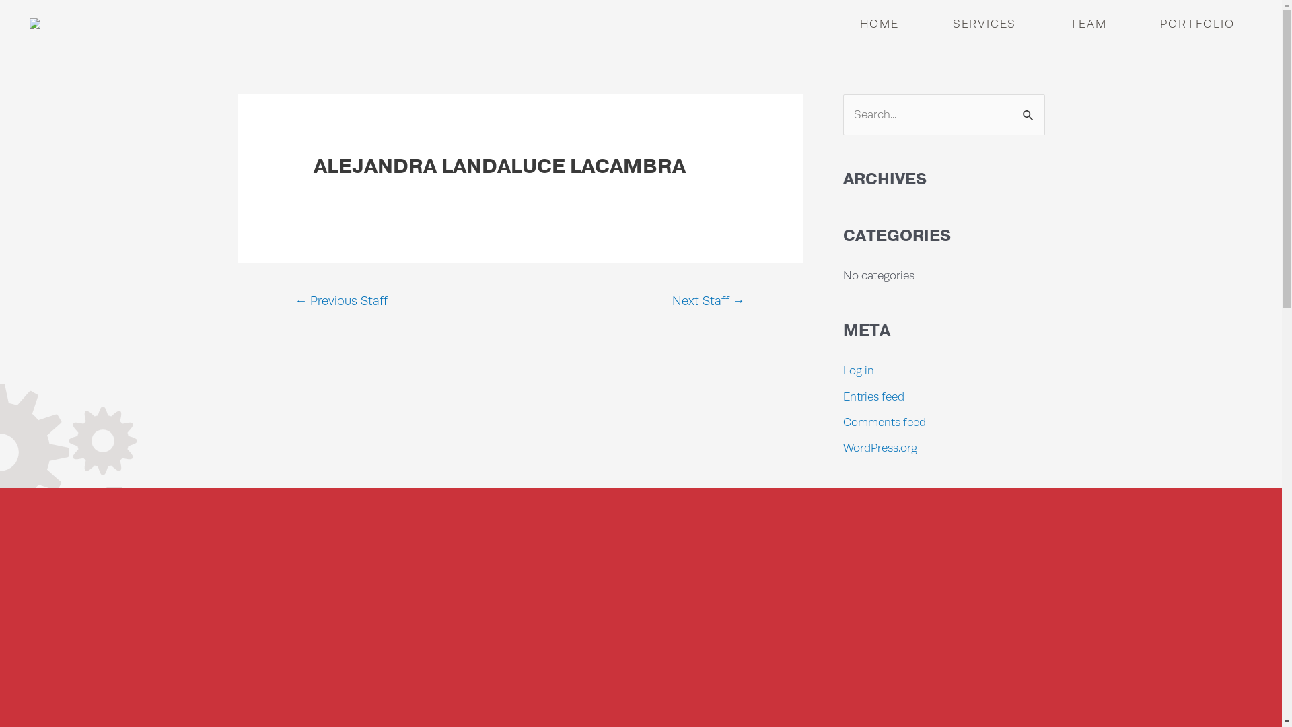 The height and width of the screenshot is (727, 1292). I want to click on 'PORTFOLIO', so click(1146, 24).